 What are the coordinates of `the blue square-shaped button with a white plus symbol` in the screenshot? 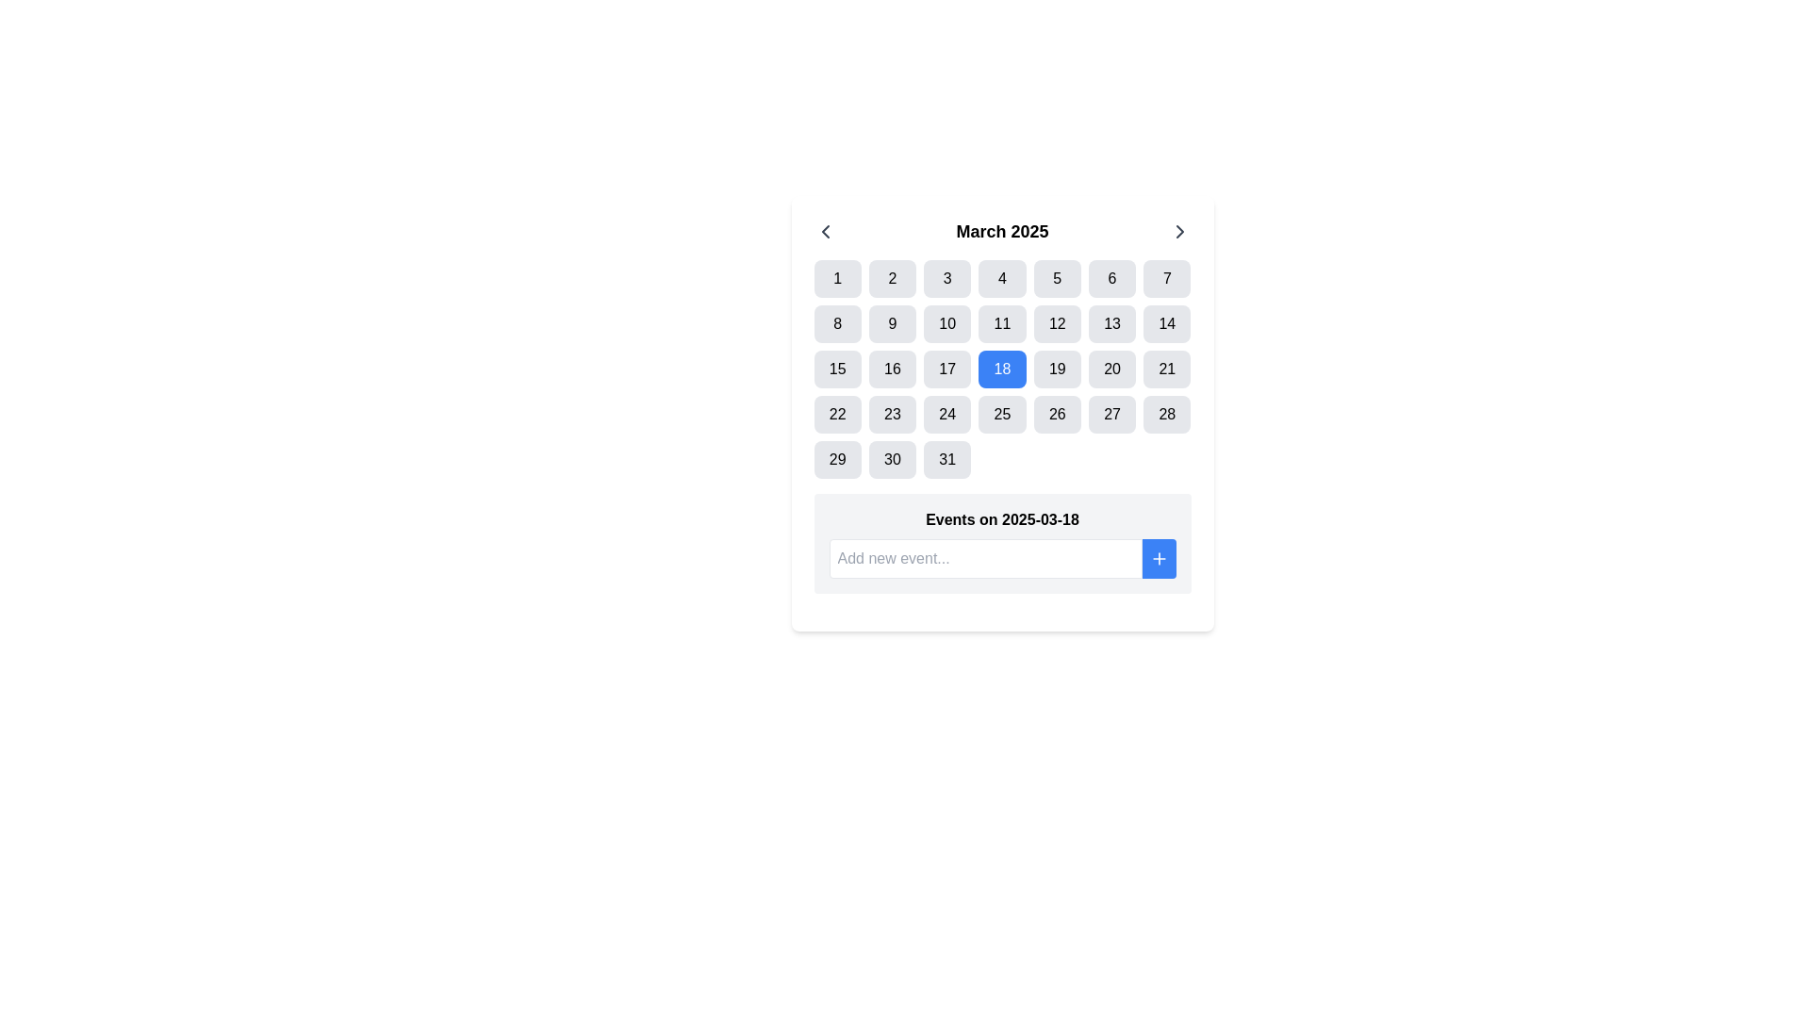 It's located at (1158, 558).